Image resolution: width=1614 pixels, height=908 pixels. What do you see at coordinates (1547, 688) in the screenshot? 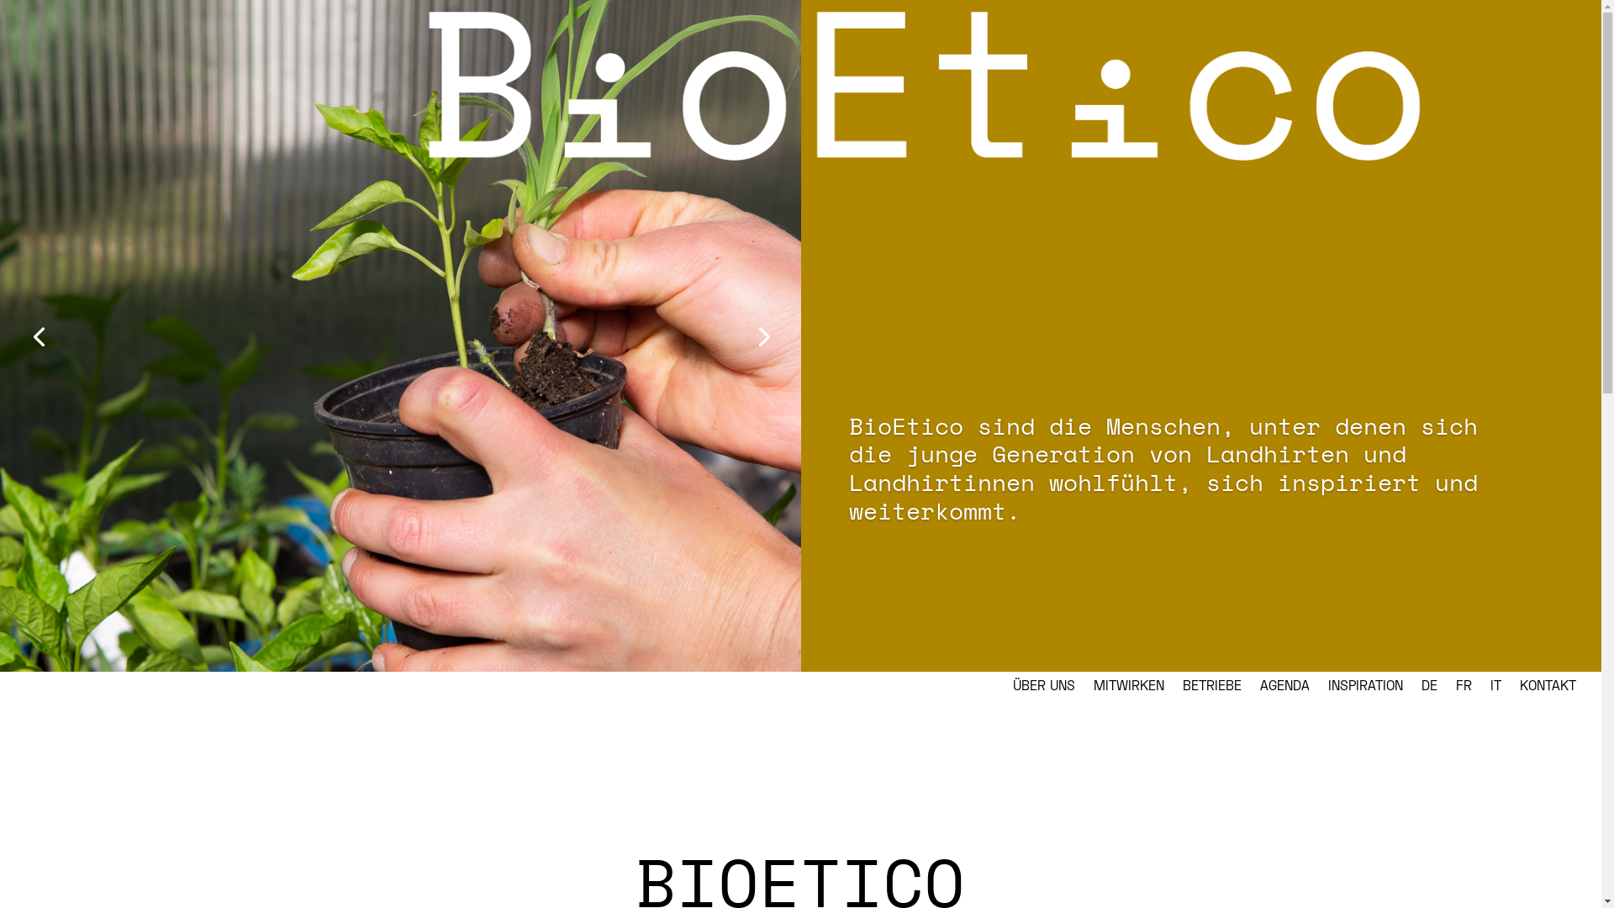
I see `'KONTAKT'` at bounding box center [1547, 688].